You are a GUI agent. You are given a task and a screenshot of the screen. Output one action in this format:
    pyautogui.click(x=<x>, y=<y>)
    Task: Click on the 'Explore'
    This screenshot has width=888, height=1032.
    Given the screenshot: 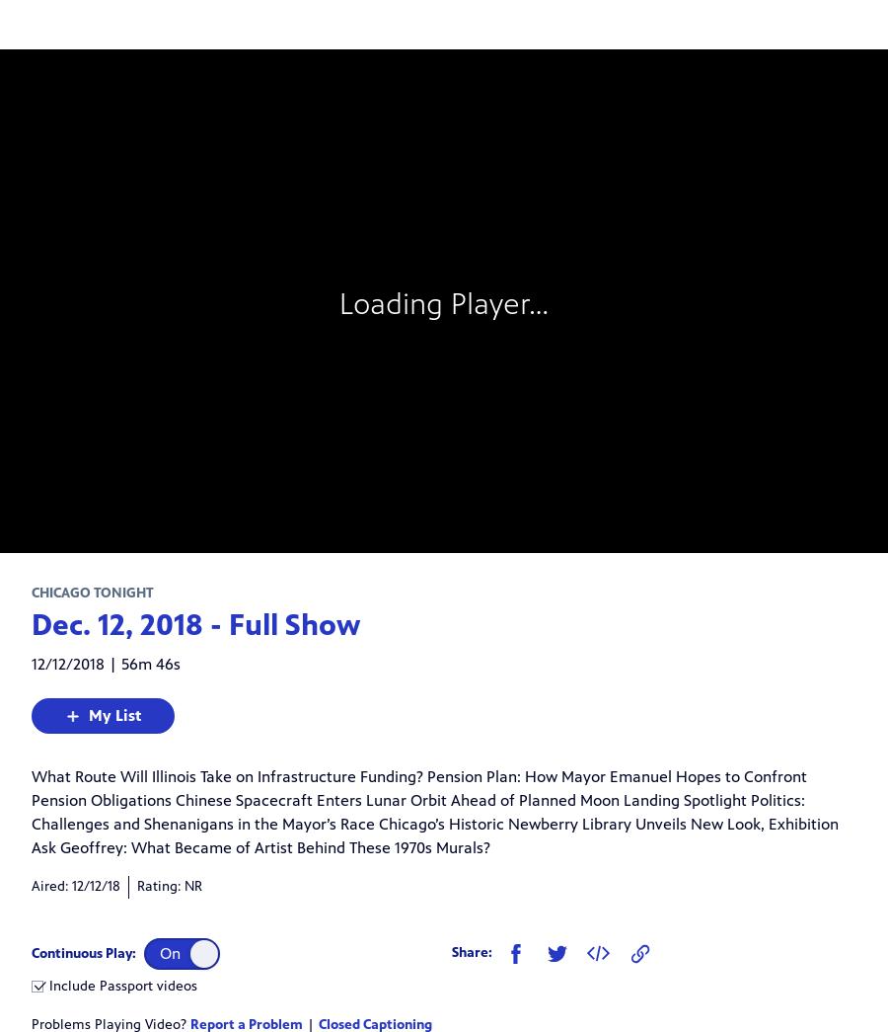 What is the action you would take?
    pyautogui.click(x=23, y=254)
    